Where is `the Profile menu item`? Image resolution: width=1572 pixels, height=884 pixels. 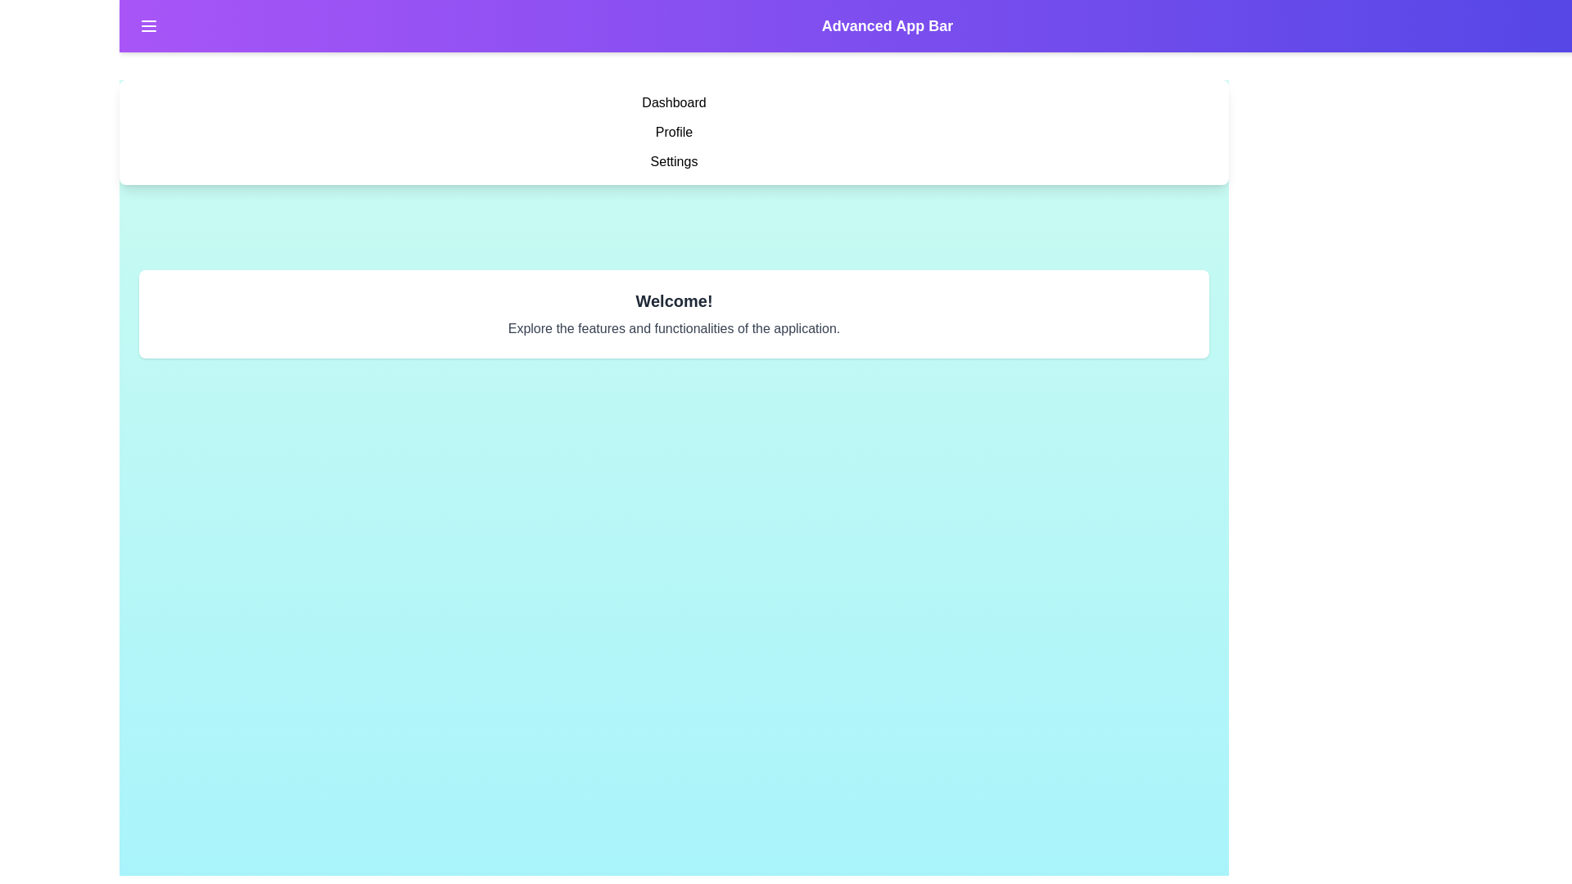 the Profile menu item is located at coordinates (674, 132).